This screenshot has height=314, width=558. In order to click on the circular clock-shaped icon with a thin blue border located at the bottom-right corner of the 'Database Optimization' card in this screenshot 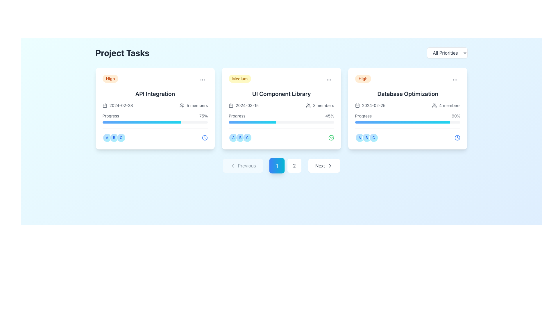, I will do `click(457, 138)`.